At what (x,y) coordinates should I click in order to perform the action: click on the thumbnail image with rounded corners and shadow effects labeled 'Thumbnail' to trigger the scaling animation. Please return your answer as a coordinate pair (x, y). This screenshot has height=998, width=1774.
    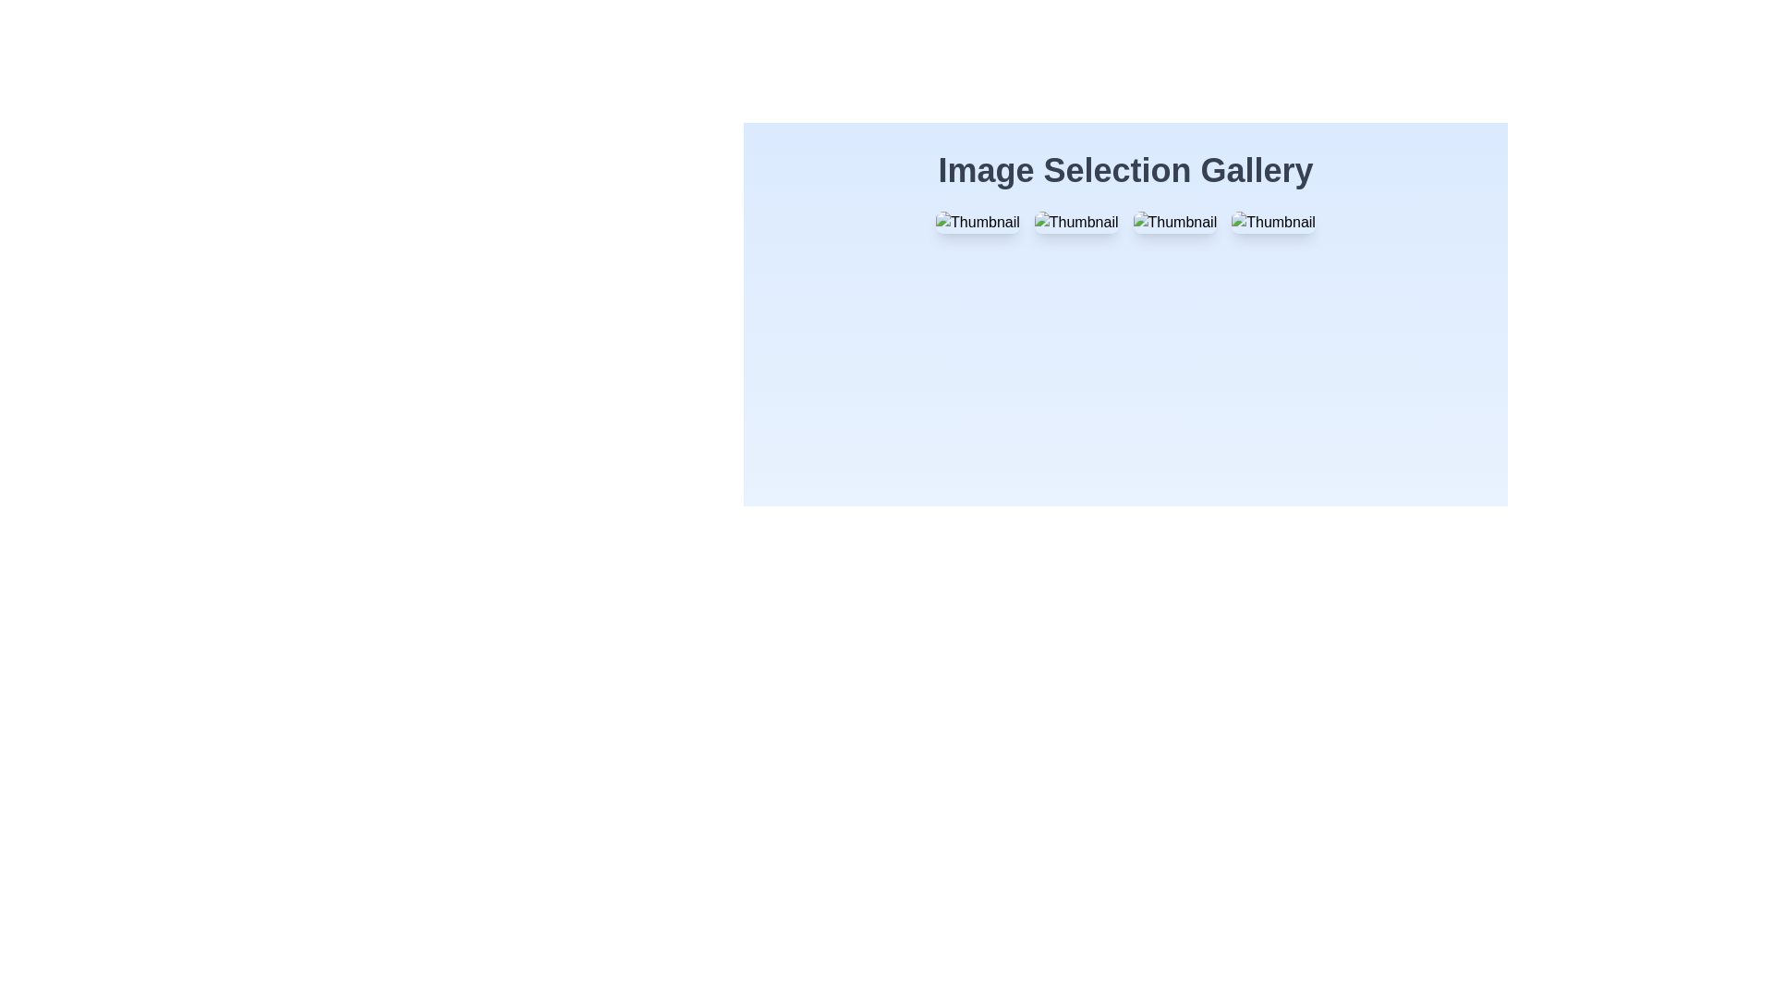
    Looking at the image, I should click on (1076, 221).